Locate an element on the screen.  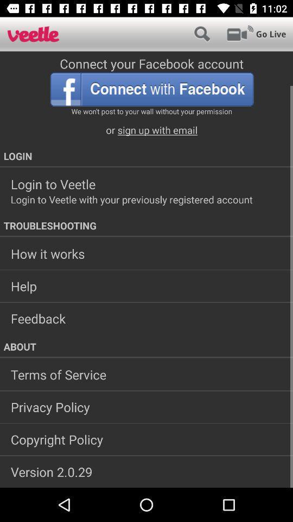
icon below help is located at coordinates (146, 318).